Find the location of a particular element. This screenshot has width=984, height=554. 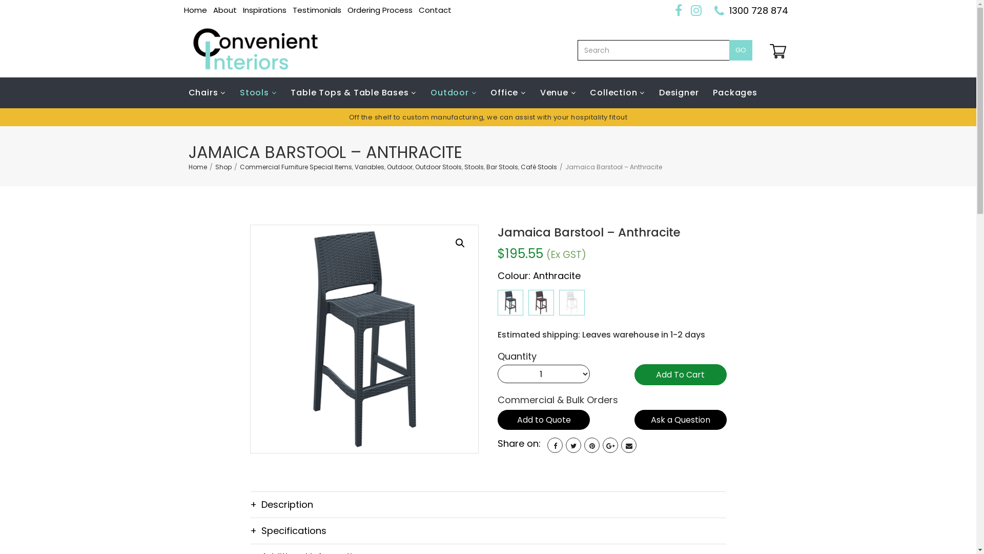

'Shop' is located at coordinates (223, 166).